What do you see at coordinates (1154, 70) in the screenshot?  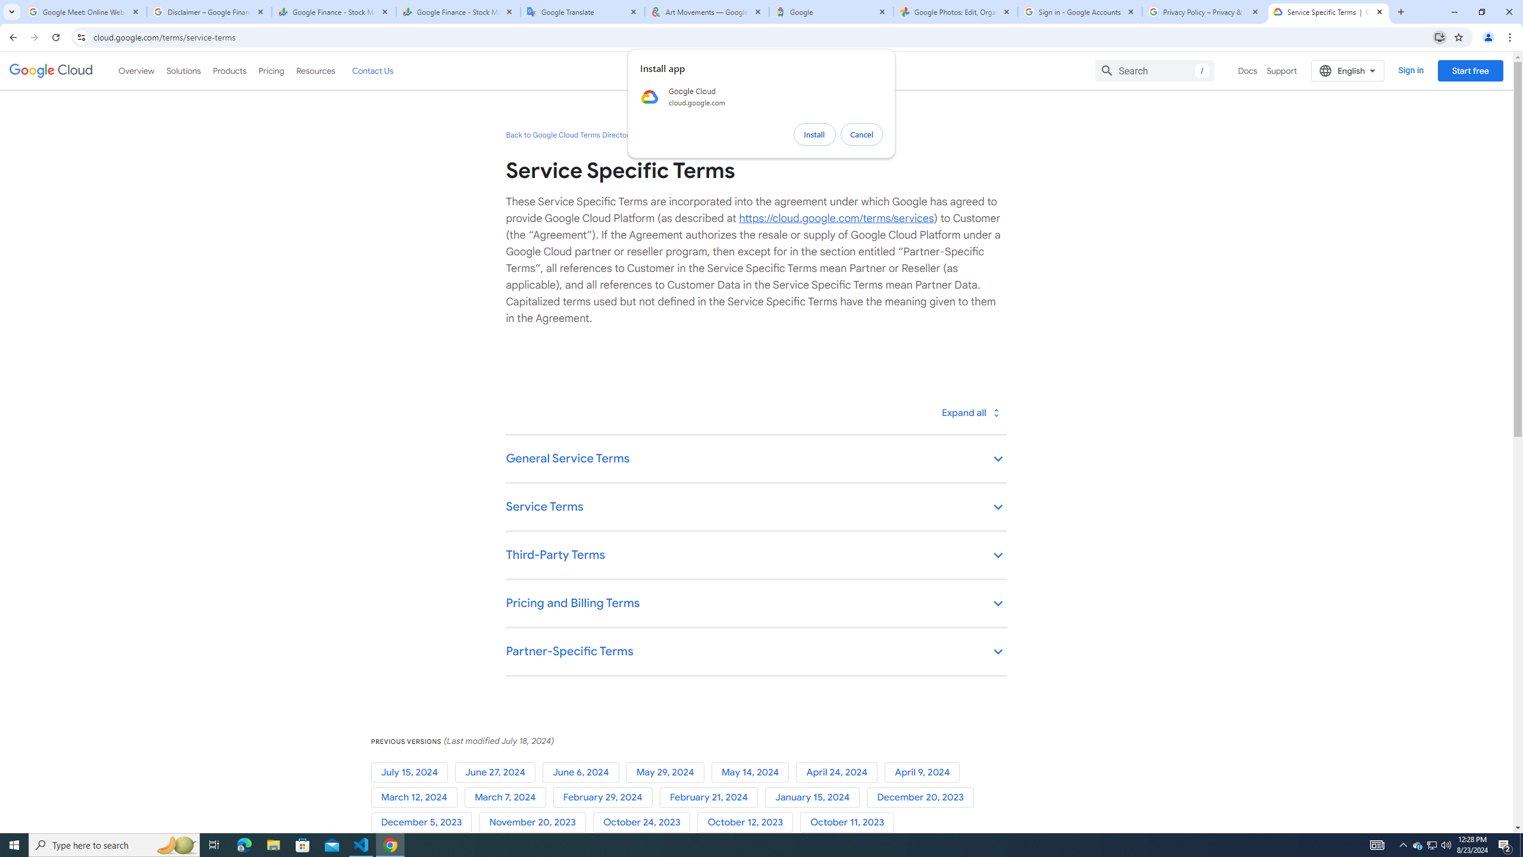 I see `'Search'` at bounding box center [1154, 70].